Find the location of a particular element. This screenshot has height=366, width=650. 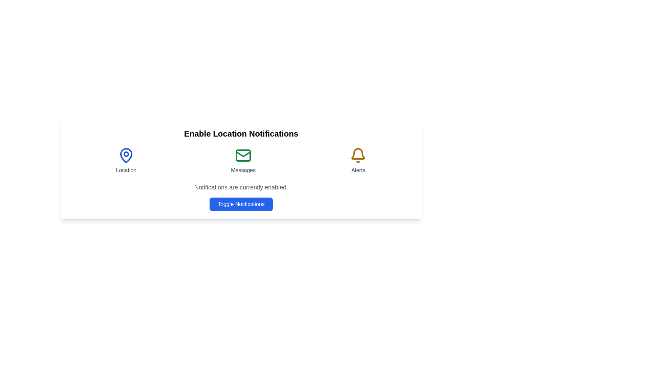

the upper rectangular part of the envelope icon within the 'Messages' section of the UI is located at coordinates (243, 156).